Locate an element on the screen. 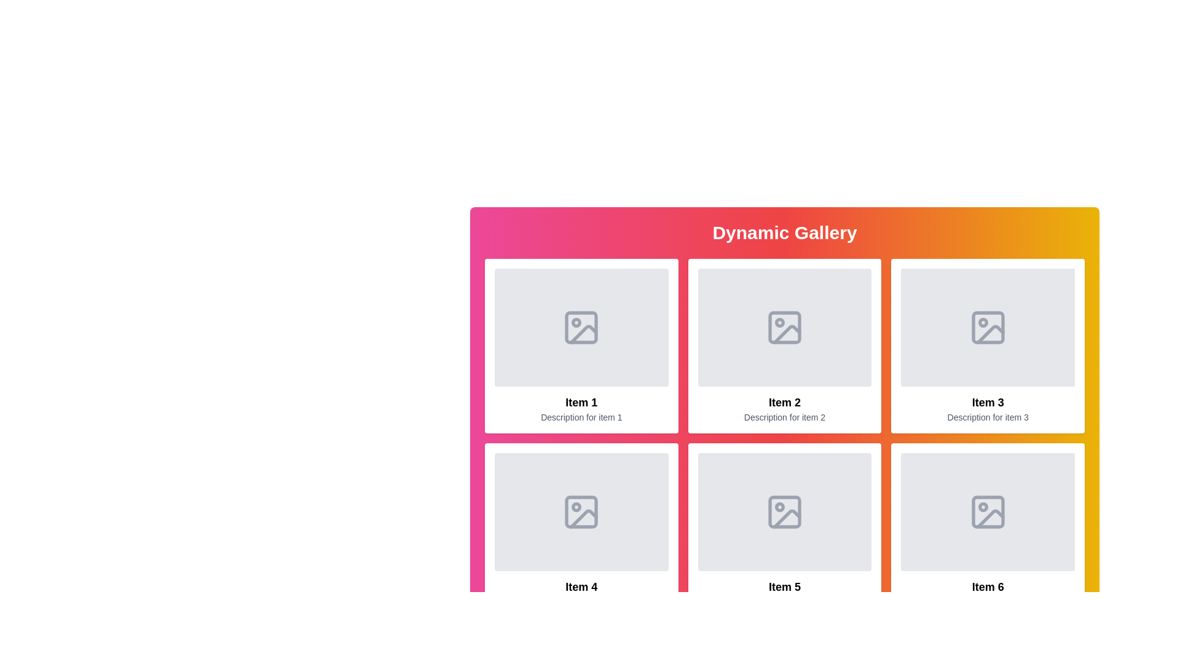 The width and height of the screenshot is (1180, 664). the first card element in the grid layout is located at coordinates (581, 346).